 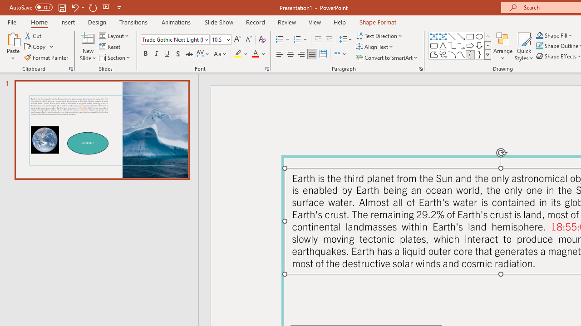 I want to click on 'Strikethrough', so click(x=188, y=54).